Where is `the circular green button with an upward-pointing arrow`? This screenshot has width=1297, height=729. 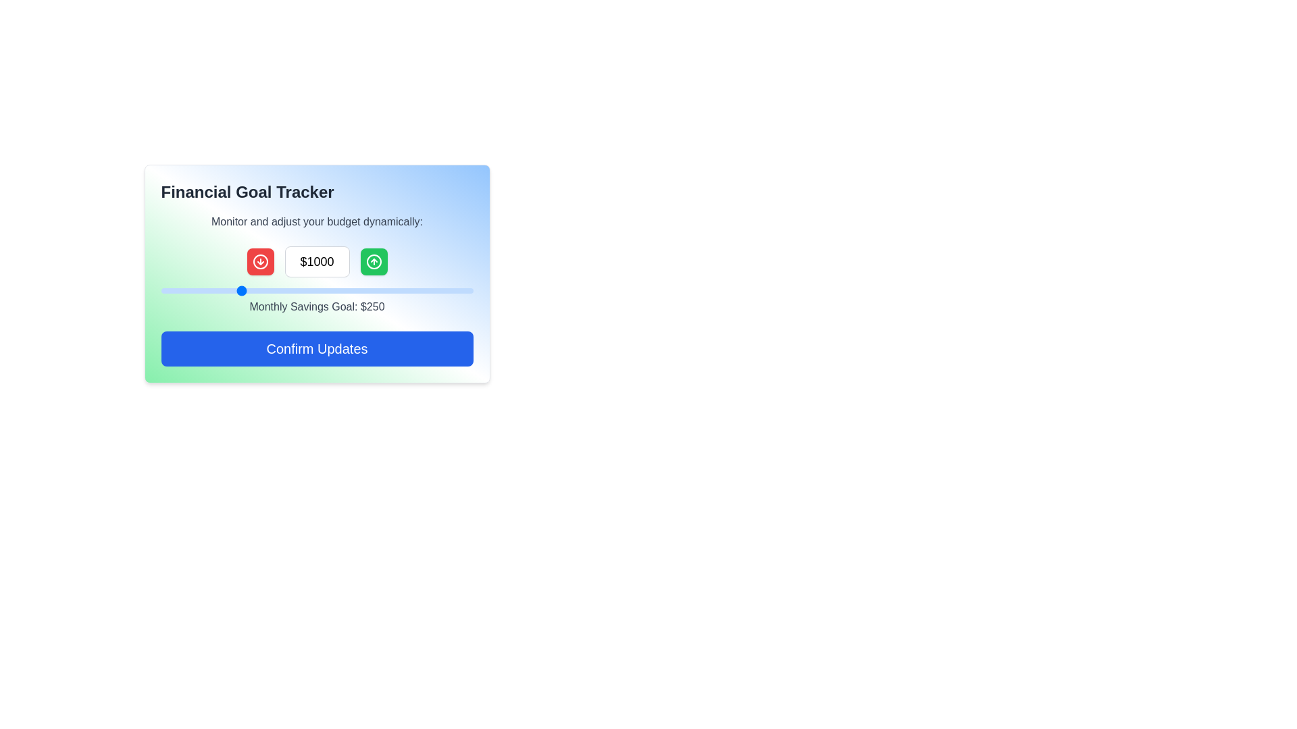
the circular green button with an upward-pointing arrow is located at coordinates (374, 262).